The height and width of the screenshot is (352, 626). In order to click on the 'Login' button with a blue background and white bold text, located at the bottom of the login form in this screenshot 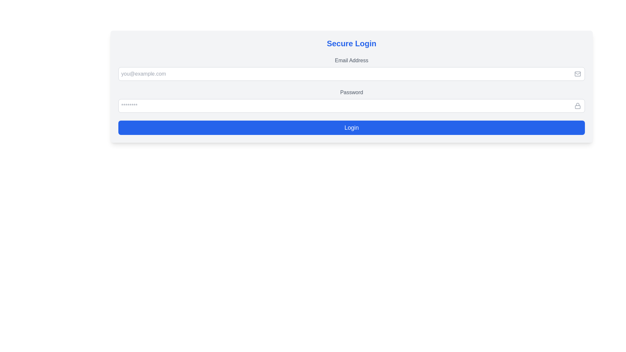, I will do `click(351, 128)`.